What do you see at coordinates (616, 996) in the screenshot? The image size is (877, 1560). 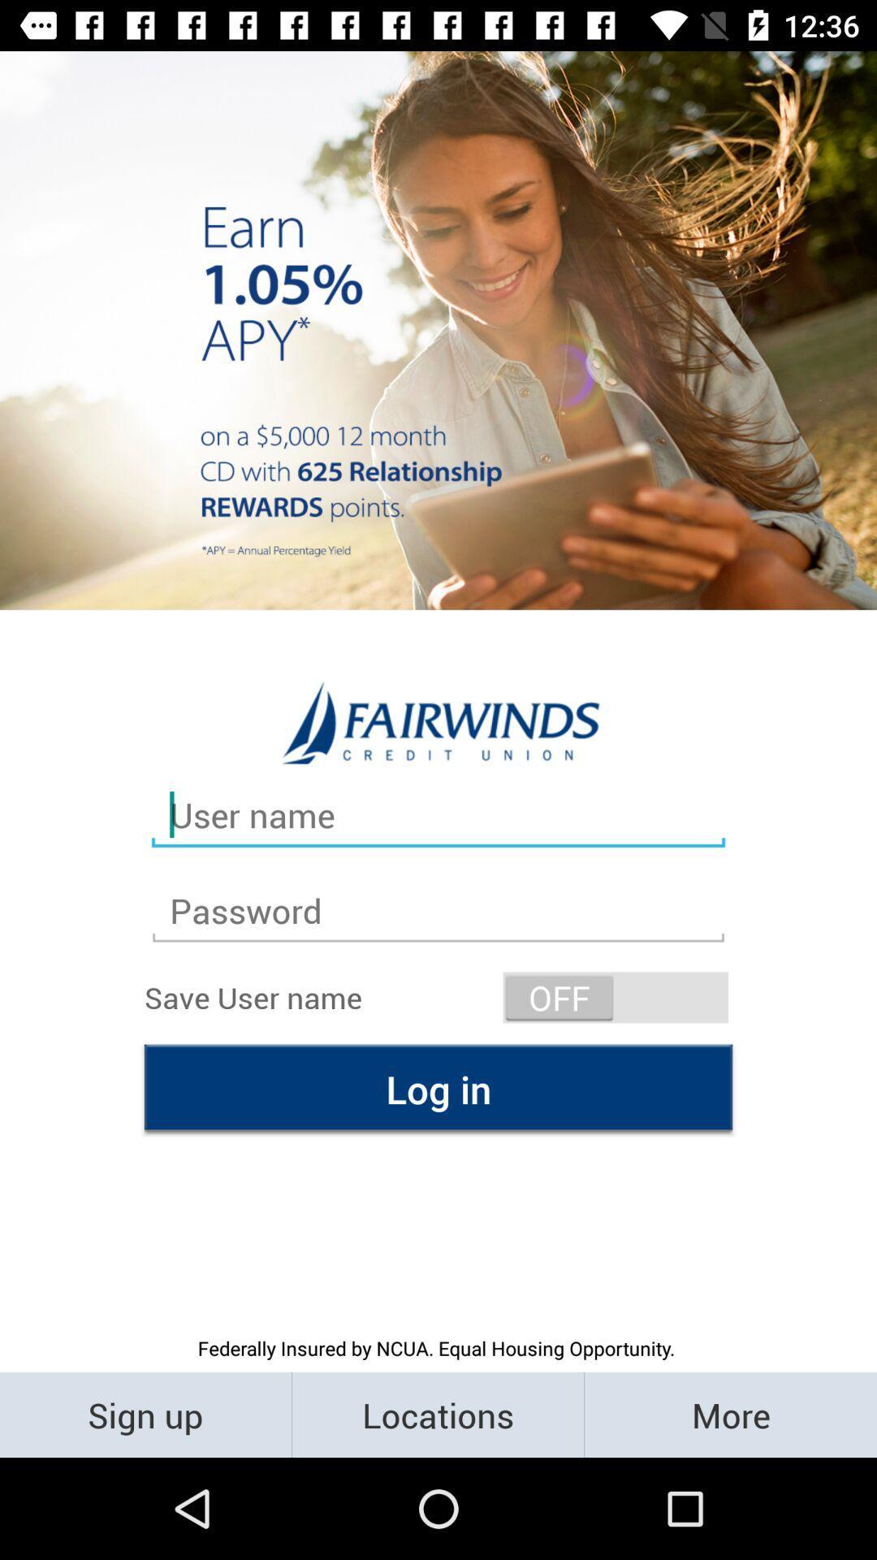 I see `icon on the right` at bounding box center [616, 996].